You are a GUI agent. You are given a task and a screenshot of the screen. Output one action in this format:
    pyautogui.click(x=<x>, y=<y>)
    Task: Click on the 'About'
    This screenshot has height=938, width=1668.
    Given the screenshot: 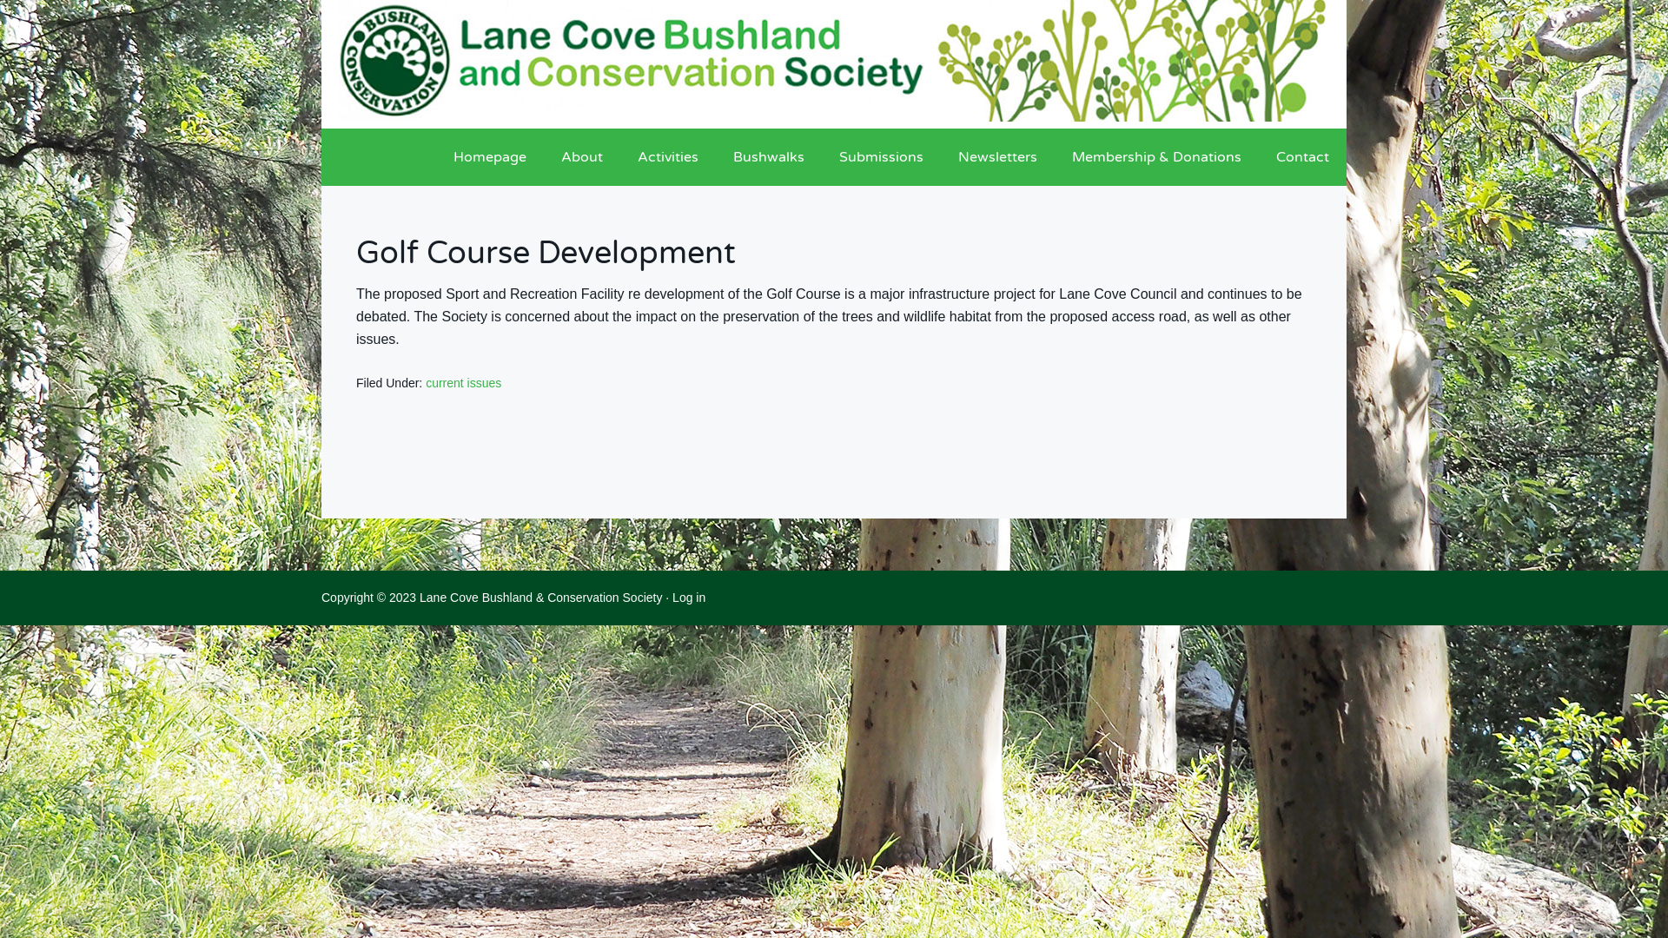 What is the action you would take?
    pyautogui.click(x=582, y=157)
    